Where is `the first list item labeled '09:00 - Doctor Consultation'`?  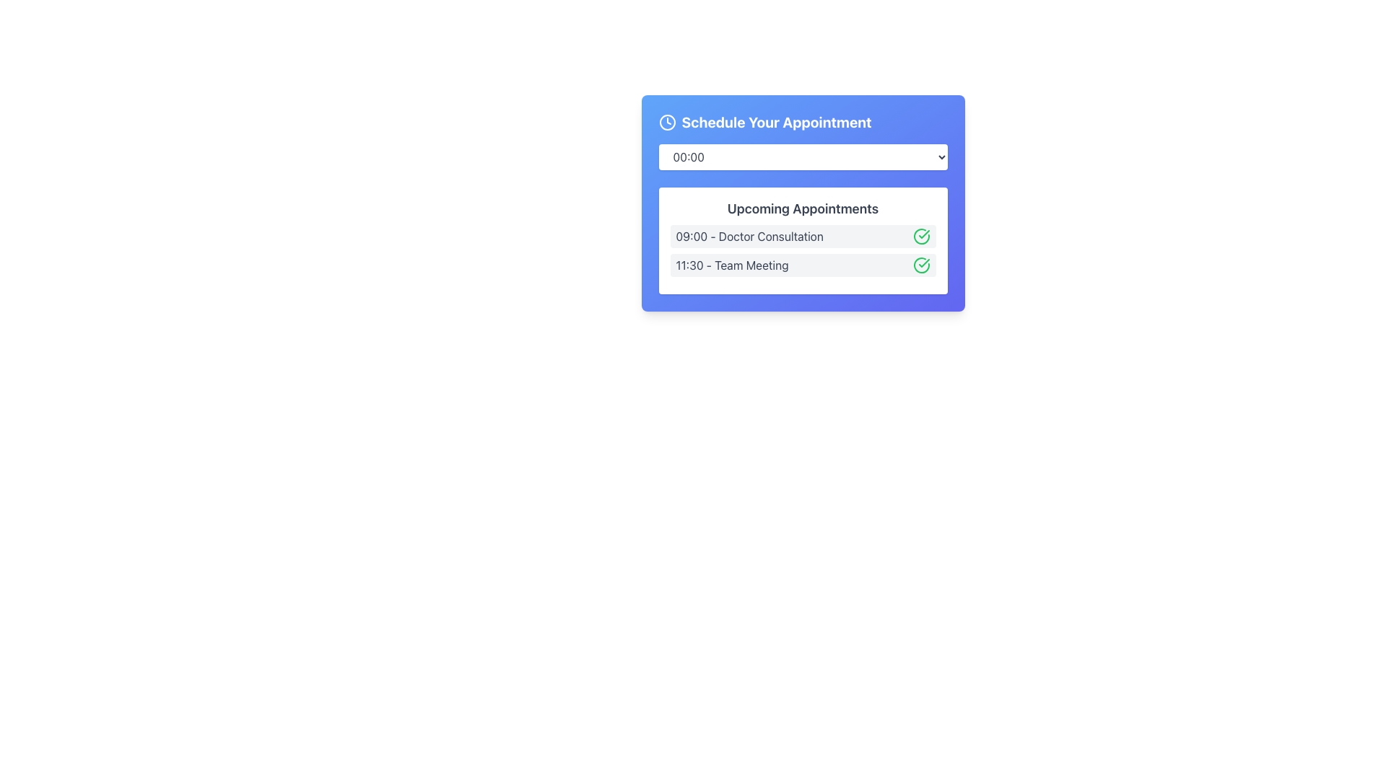 the first list item labeled '09:00 - Doctor Consultation' is located at coordinates (802, 235).